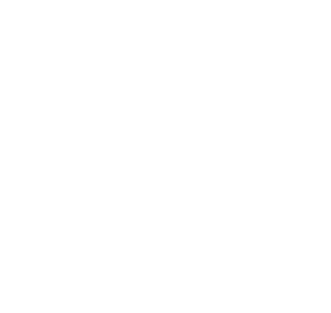 The image size is (331, 313). What do you see at coordinates (144, 49) in the screenshot?
I see `'Personal identification information Name, email address, phone number, social media platform references.'` at bounding box center [144, 49].